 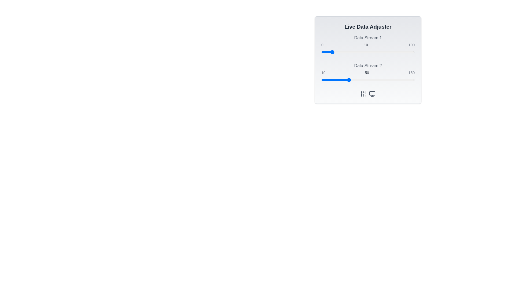 What do you see at coordinates (366, 45) in the screenshot?
I see `the static text label displaying the number '10', which is part of a group of three numeric text components and is positioned in the middle with a dark gray color against a light background` at bounding box center [366, 45].